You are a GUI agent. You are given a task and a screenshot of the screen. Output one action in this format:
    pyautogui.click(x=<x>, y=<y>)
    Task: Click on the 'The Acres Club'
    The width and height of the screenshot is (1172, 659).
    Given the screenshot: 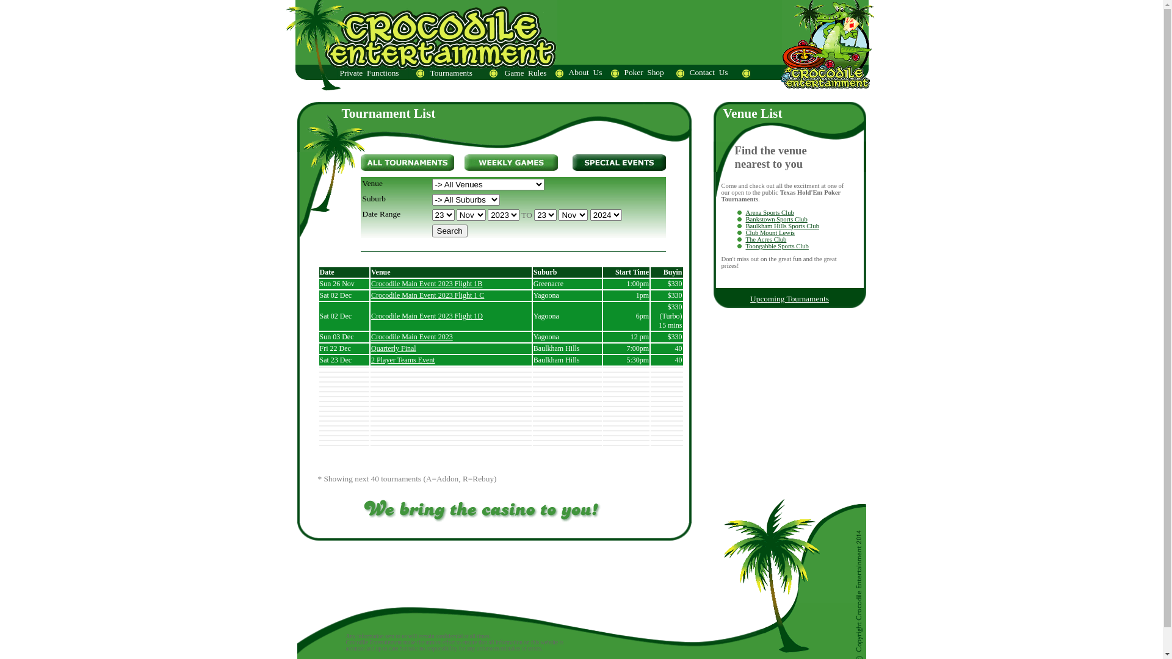 What is the action you would take?
    pyautogui.click(x=765, y=239)
    